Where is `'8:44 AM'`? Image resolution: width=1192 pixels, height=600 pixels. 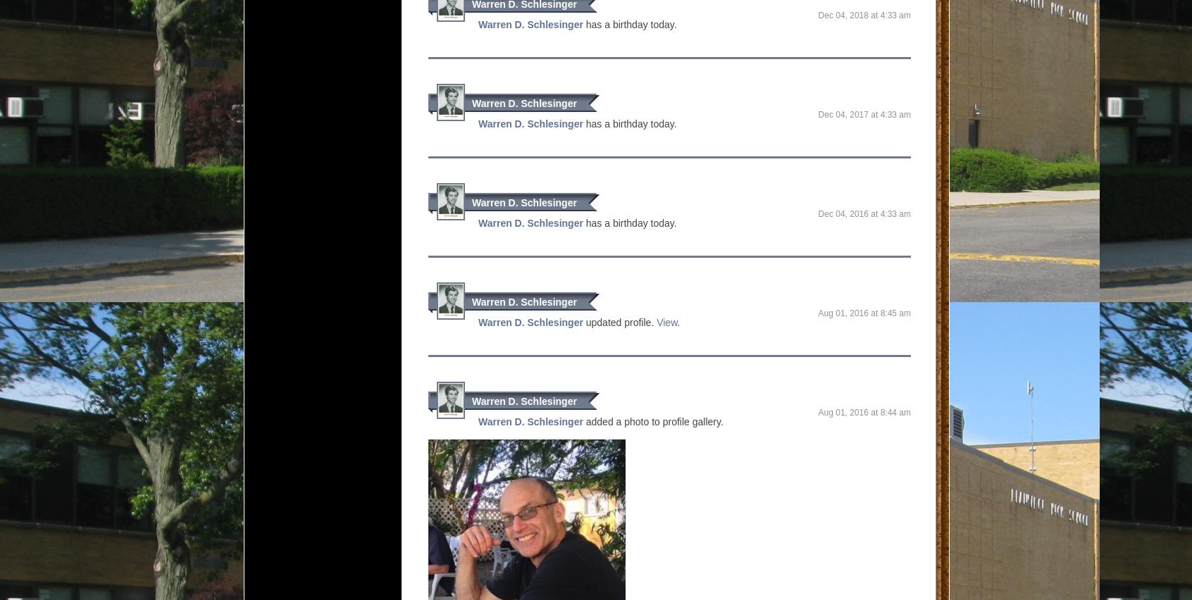
'8:44 AM' is located at coordinates (895, 412).